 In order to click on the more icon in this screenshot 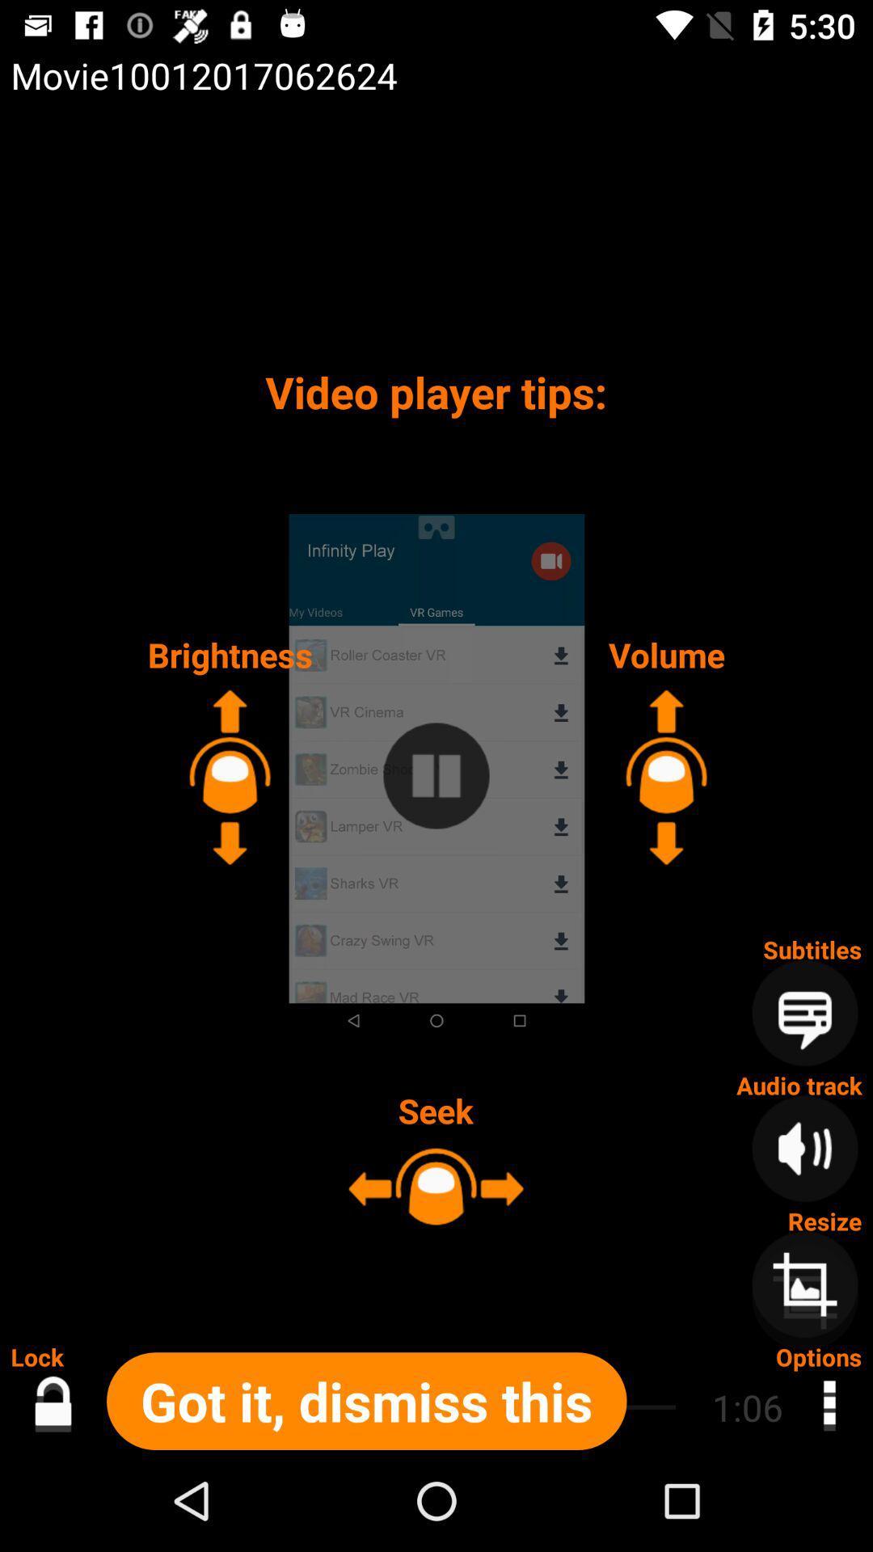, I will do `click(828, 1406)`.